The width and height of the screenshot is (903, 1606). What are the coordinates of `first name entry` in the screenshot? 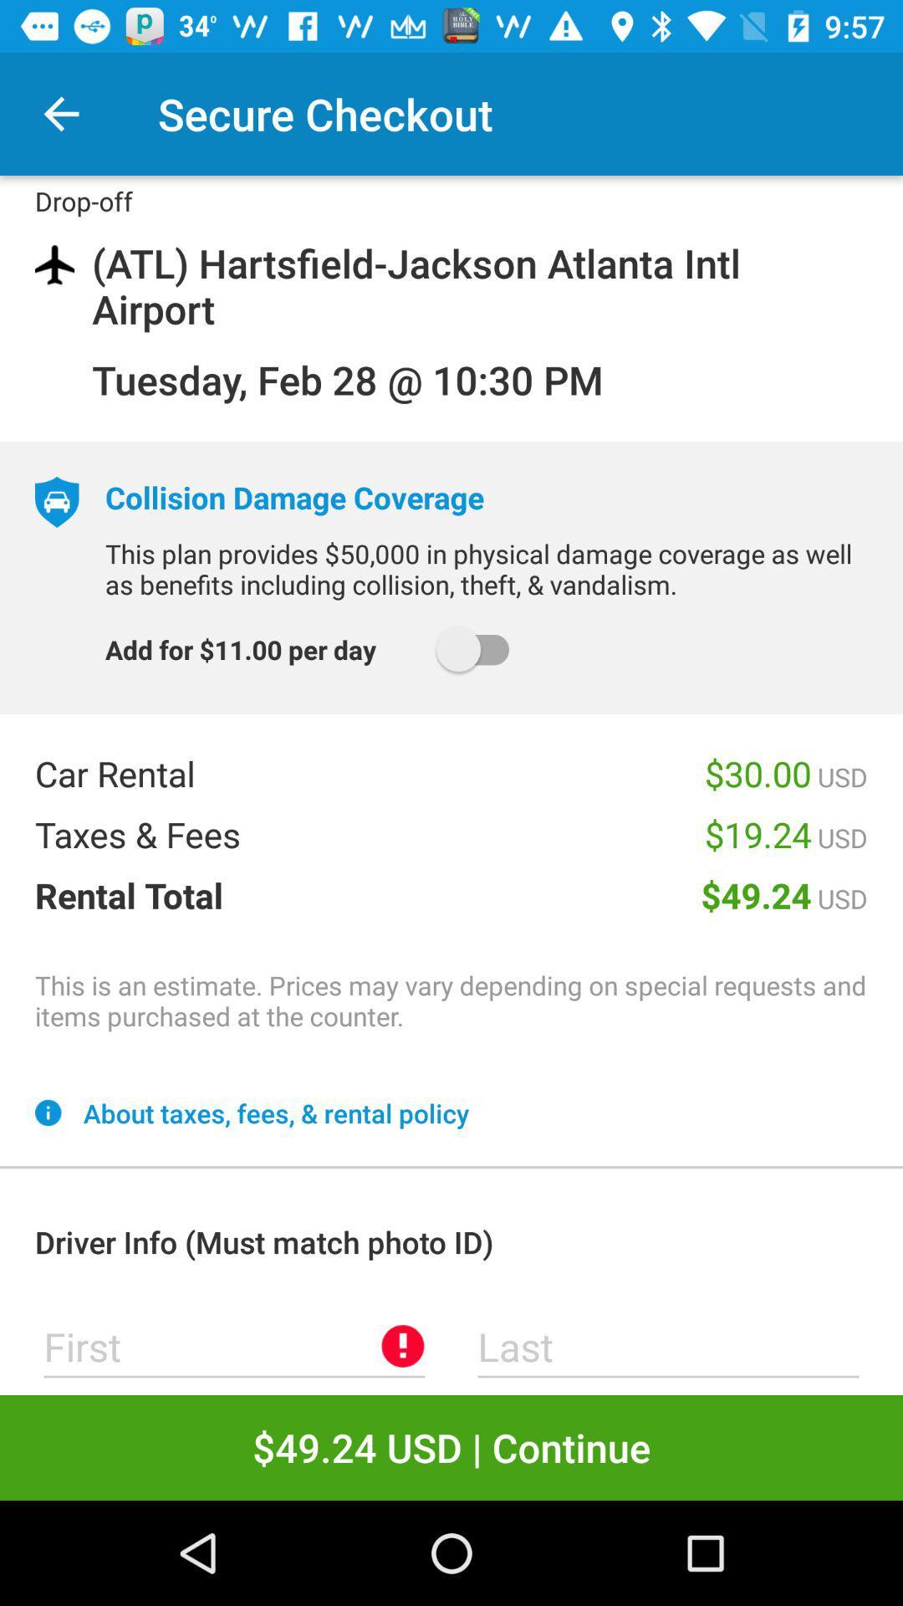 It's located at (234, 1346).